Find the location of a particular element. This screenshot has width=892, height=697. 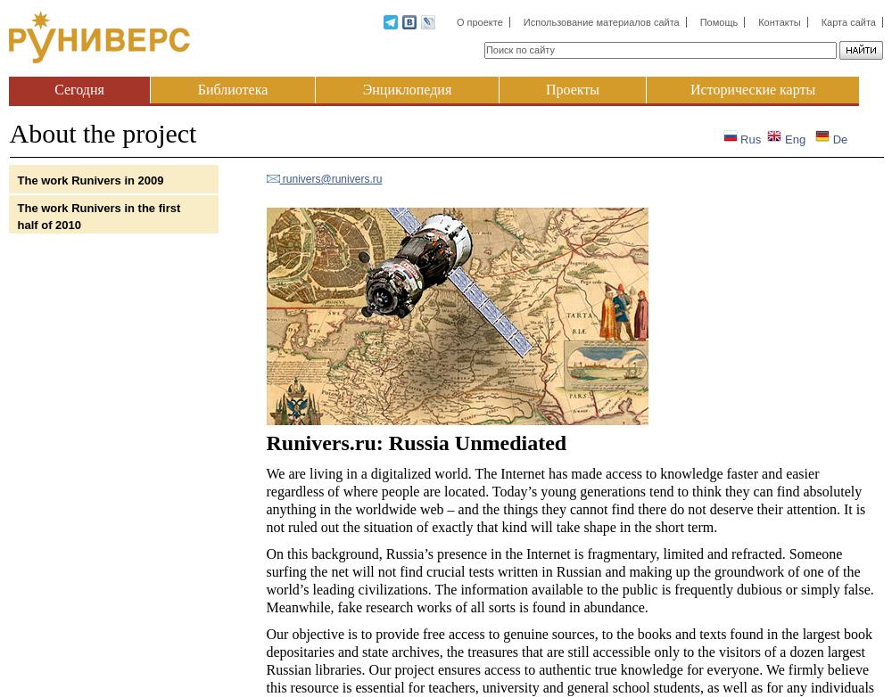

'On this background, Russia’s presence in the Internet is fragmentary, limited and refracted. Someone surfing the net will not find crucial tests written in Russian and making up the groundwork of one of the world’s leading civilizations. The information available to the public is frequently dubious or simply false. Meanwhile, fake research works of all sorts is found in abundance.' is located at coordinates (266, 579).